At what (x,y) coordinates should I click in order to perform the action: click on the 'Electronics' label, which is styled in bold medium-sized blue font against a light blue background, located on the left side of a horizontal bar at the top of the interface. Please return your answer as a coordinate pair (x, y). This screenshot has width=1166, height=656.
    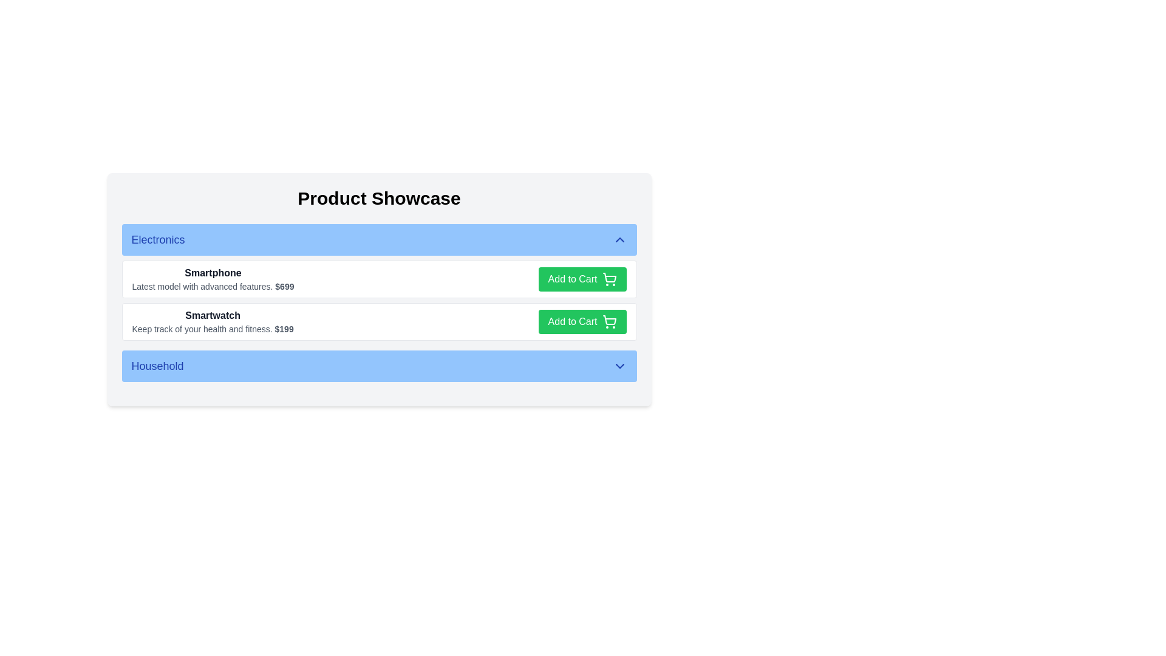
    Looking at the image, I should click on (157, 239).